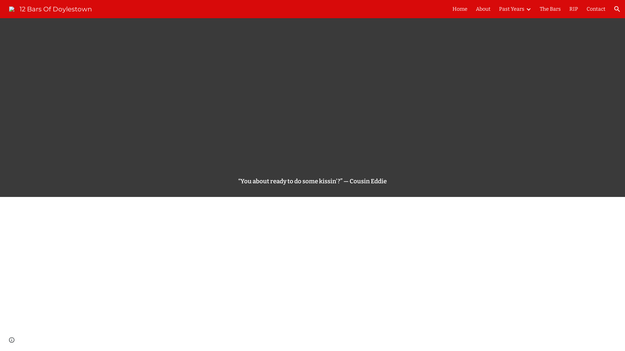  What do you see at coordinates (459, 9) in the screenshot?
I see `'Home'` at bounding box center [459, 9].